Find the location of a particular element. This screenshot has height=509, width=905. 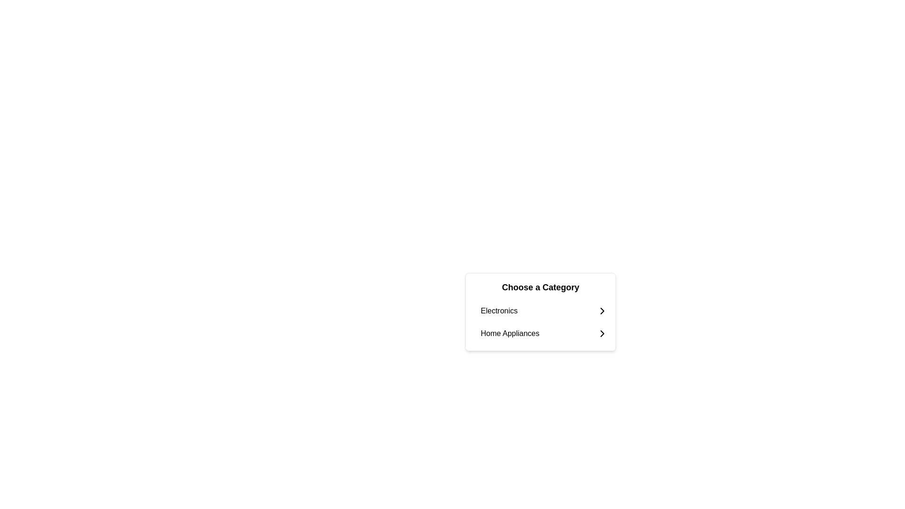

the 'Electronics' text label located at the first position in the 'Choose a Category' section is located at coordinates (499, 311).